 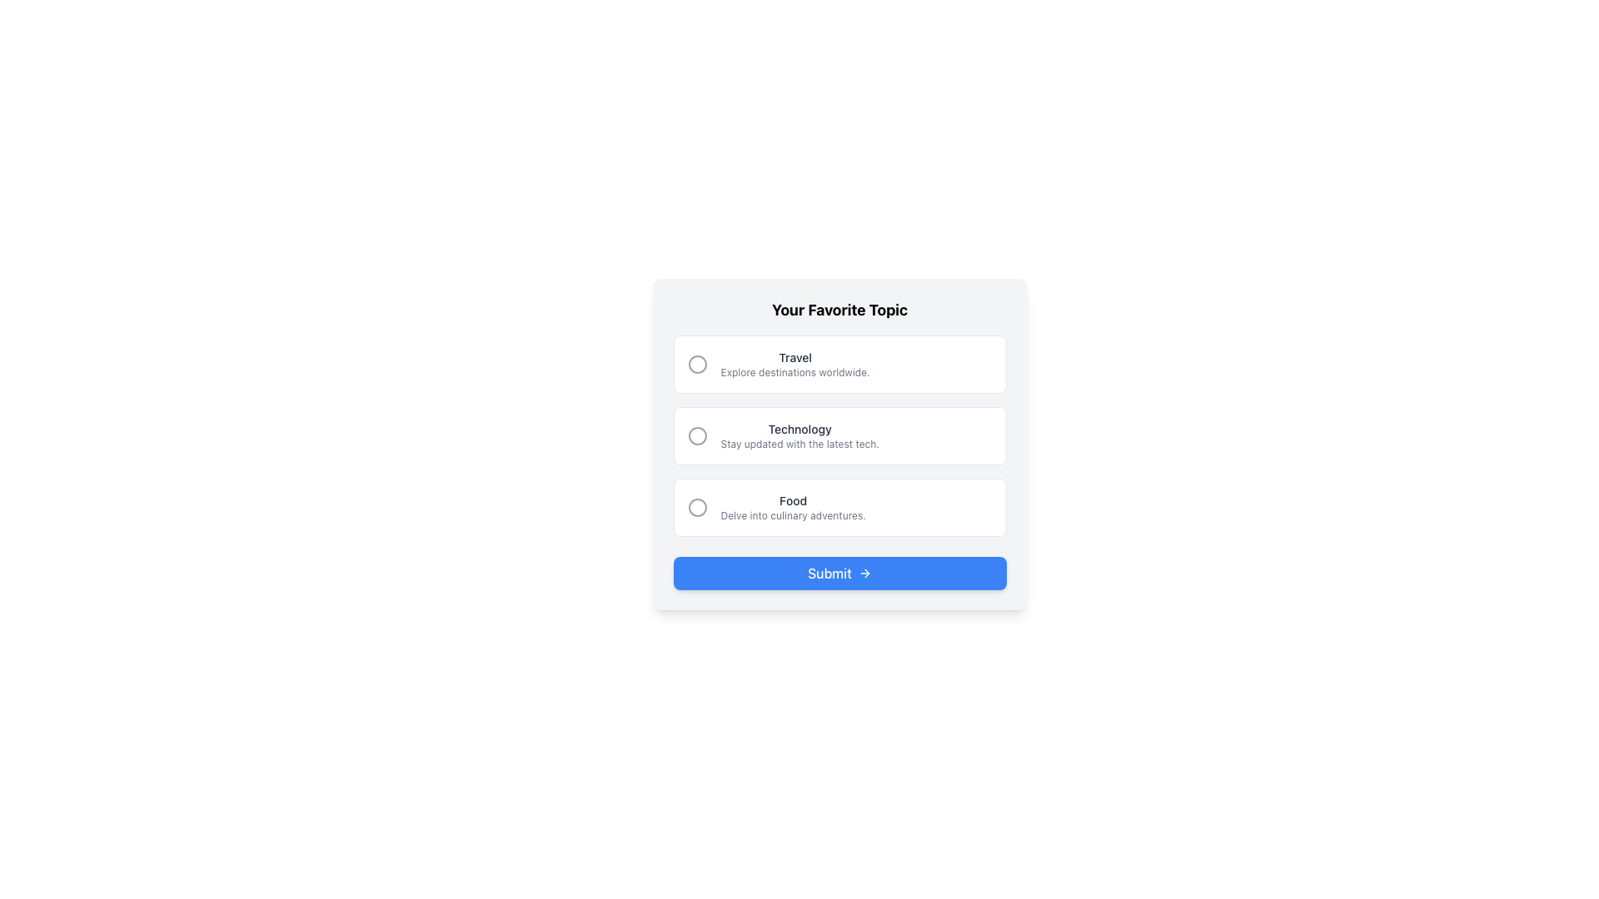 What do you see at coordinates (839, 435) in the screenshot?
I see `the radio button associated with the second topic in the 'Your Favorite Topic' card` at bounding box center [839, 435].